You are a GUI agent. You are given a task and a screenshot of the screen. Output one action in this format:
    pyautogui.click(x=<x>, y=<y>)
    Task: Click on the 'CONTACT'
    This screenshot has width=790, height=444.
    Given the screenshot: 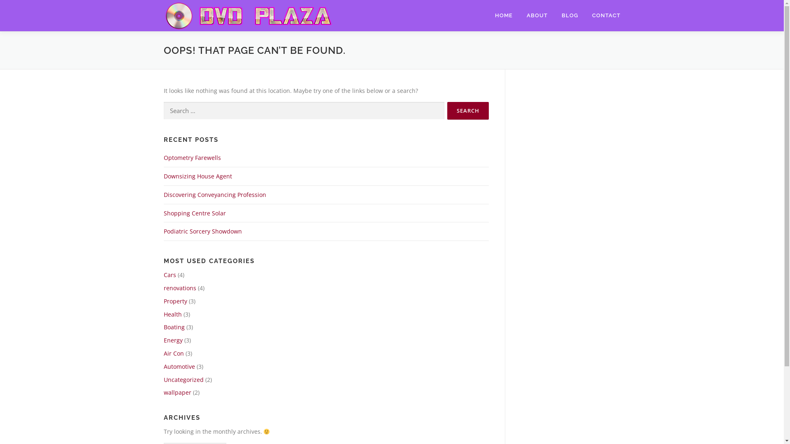 What is the action you would take?
    pyautogui.click(x=584, y=15)
    